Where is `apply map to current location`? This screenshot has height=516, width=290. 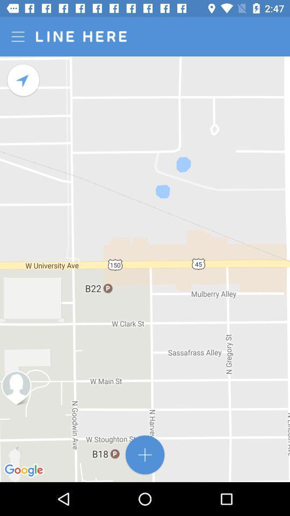 apply map to current location is located at coordinates (24, 80).